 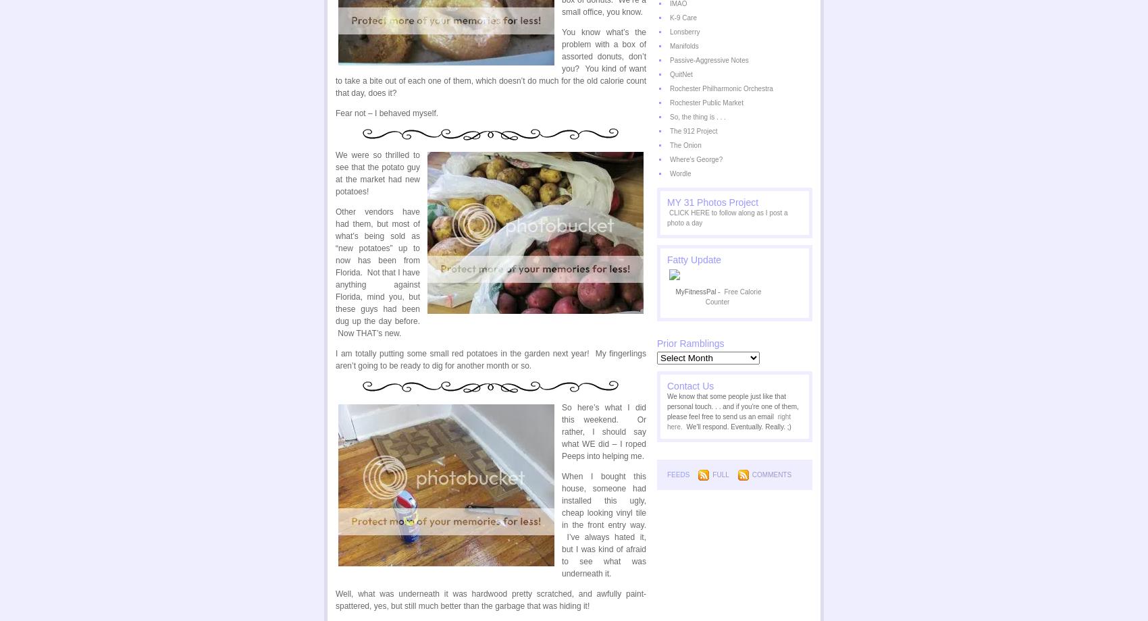 I want to click on 'So, the thing is . . .', so click(x=696, y=116).